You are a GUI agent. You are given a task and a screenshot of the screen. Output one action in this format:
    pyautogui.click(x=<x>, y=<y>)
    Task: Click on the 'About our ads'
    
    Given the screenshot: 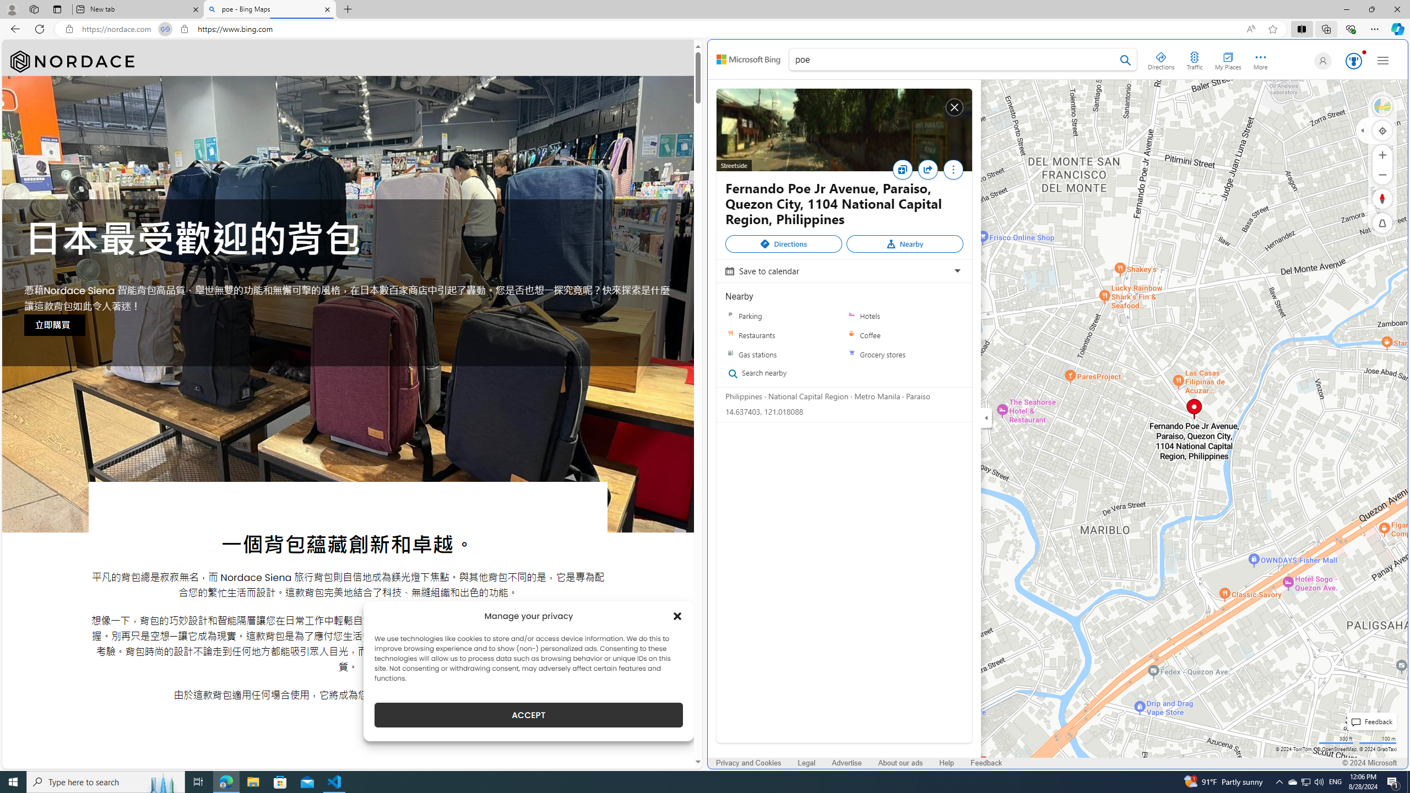 What is the action you would take?
    pyautogui.click(x=900, y=763)
    